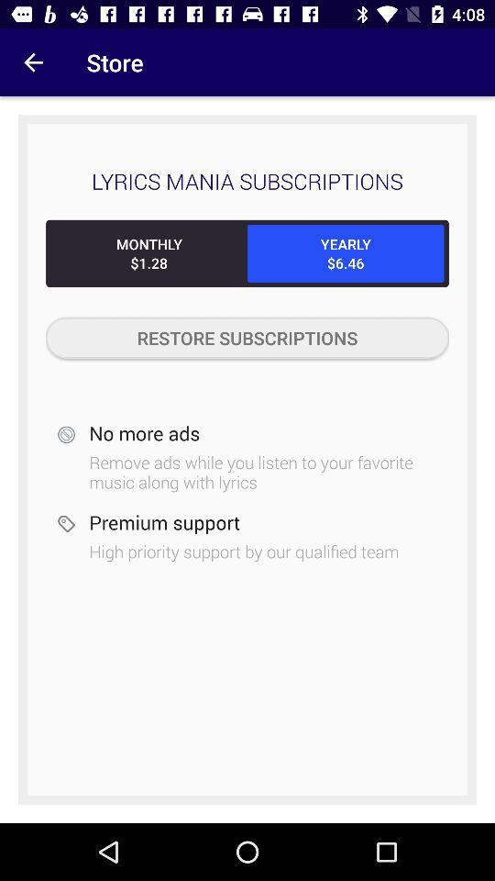 The image size is (495, 881). What do you see at coordinates (33, 62) in the screenshot?
I see `item to the left of the store item` at bounding box center [33, 62].